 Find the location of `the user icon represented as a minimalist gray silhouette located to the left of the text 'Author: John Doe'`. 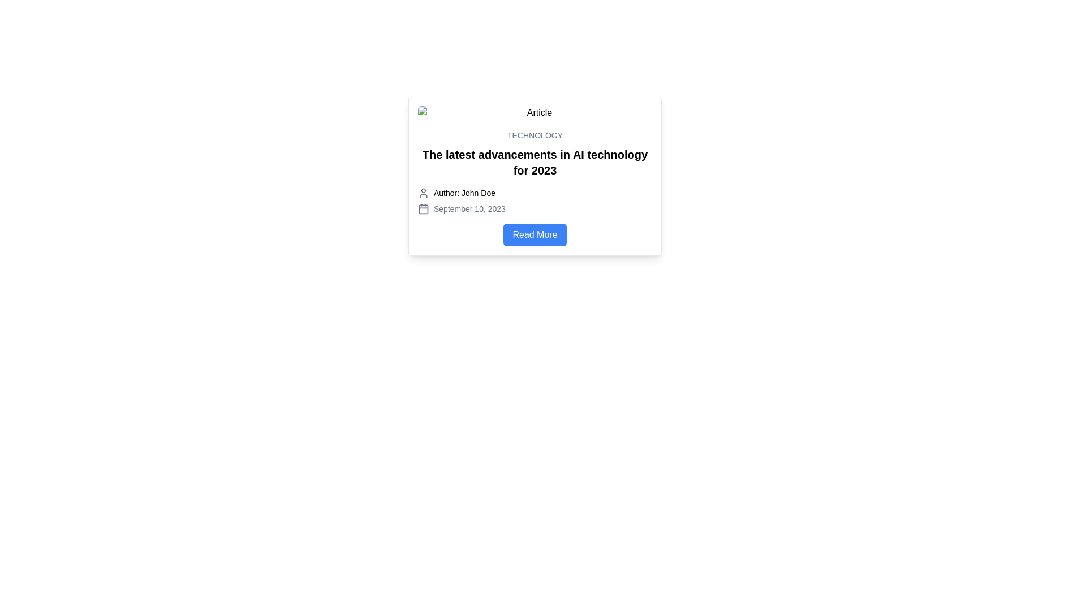

the user icon represented as a minimalist gray silhouette located to the left of the text 'Author: John Doe' is located at coordinates (423, 193).